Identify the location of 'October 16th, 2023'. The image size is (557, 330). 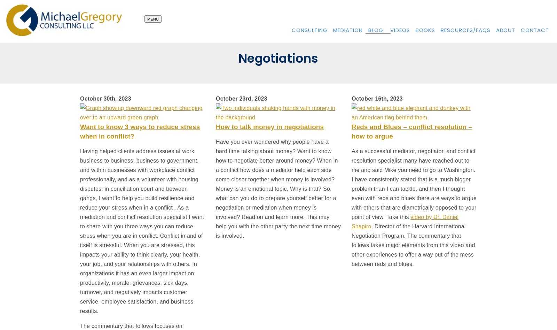
(377, 99).